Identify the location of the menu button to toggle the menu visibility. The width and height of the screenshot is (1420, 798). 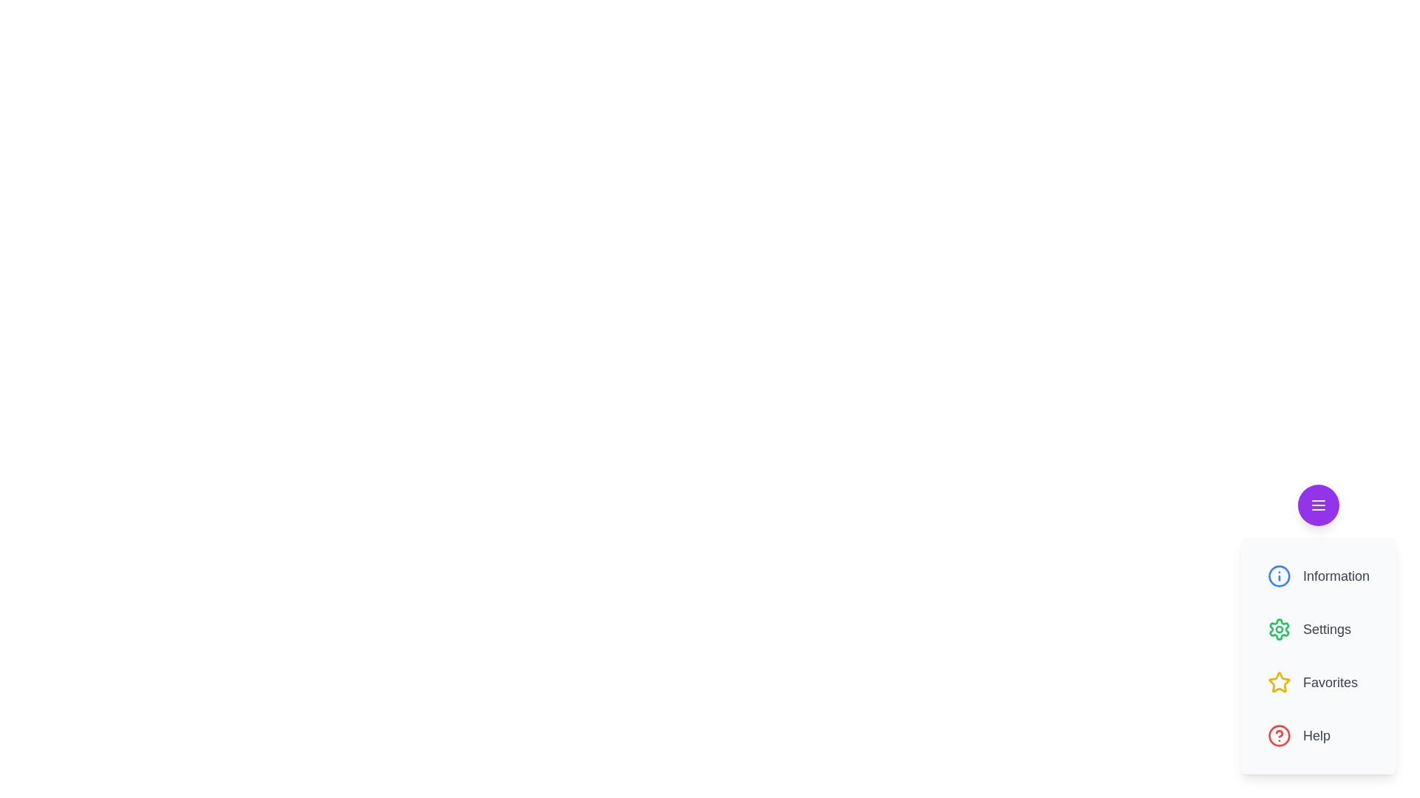
(1318, 504).